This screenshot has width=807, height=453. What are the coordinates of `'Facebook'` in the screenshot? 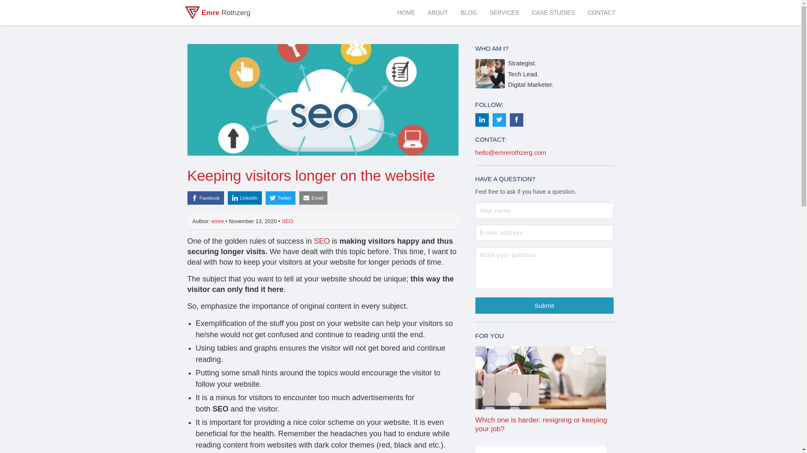 It's located at (206, 198).